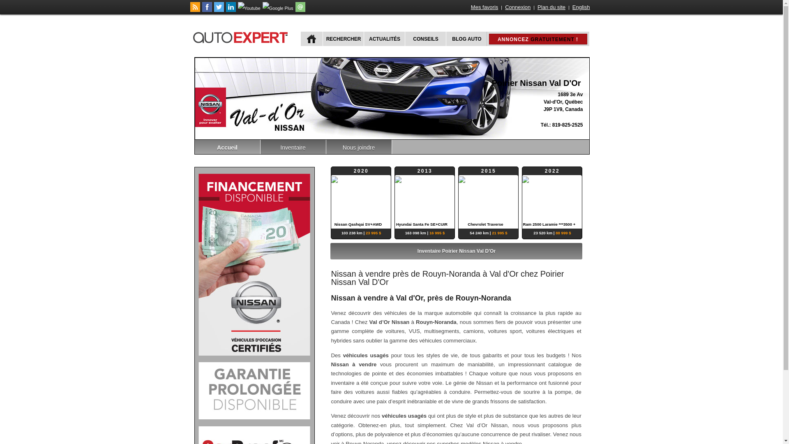 The image size is (789, 444). I want to click on 'Mes favoris', so click(484, 7).